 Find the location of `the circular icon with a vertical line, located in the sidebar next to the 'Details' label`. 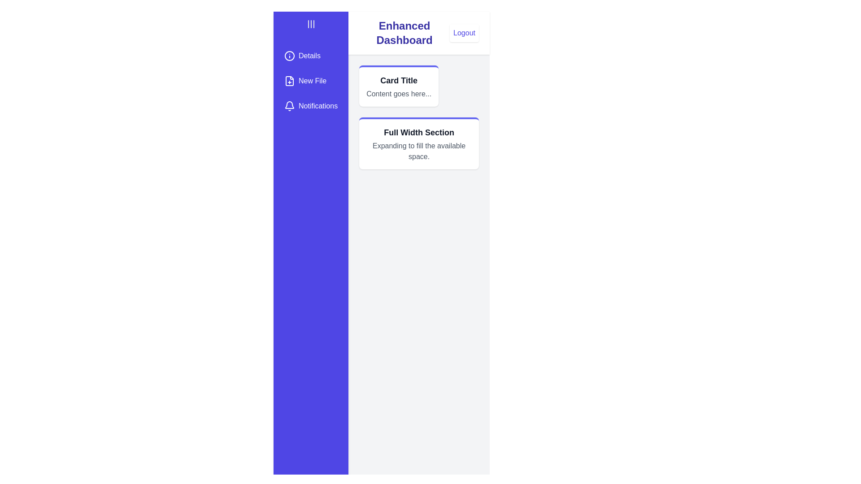

the circular icon with a vertical line, located in the sidebar next to the 'Details' label is located at coordinates (290, 56).